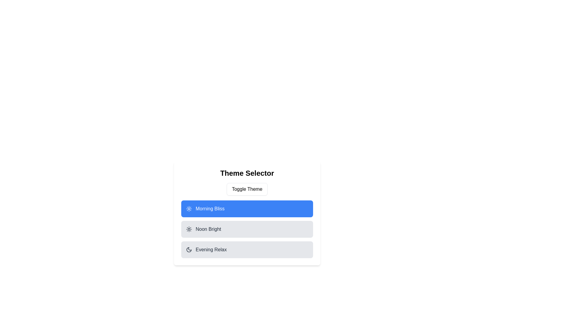  I want to click on the item Noon Bright from the list, so click(247, 229).